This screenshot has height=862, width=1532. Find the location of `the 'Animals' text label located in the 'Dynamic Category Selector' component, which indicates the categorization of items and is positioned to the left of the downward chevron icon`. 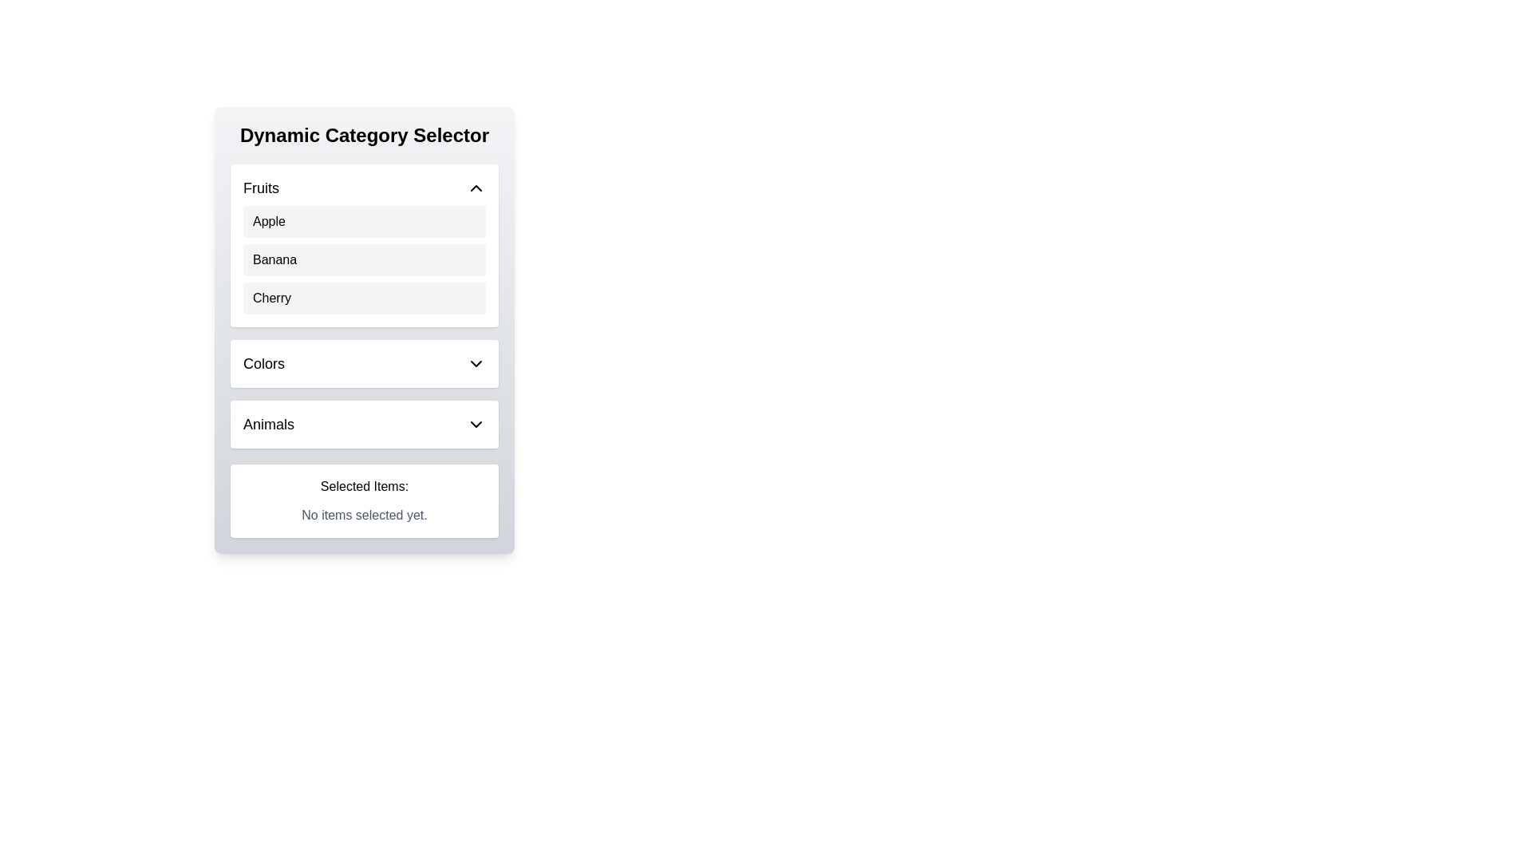

the 'Animals' text label located in the 'Dynamic Category Selector' component, which indicates the categorization of items and is positioned to the left of the downward chevron icon is located at coordinates (268, 424).